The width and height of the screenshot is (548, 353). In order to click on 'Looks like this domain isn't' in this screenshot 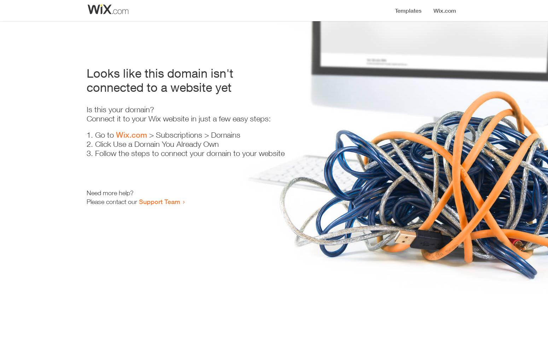, I will do `click(160, 73)`.